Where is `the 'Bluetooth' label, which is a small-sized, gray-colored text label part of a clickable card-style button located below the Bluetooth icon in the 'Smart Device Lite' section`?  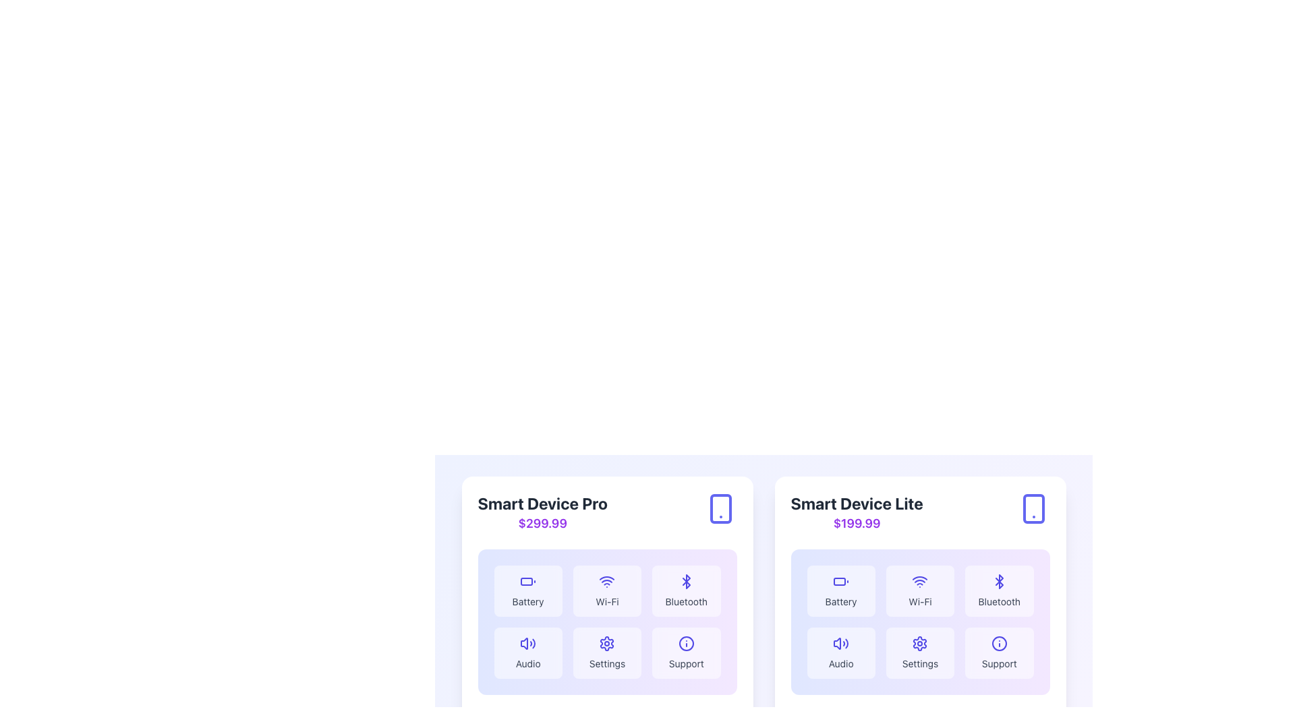
the 'Bluetooth' label, which is a small-sized, gray-colored text label part of a clickable card-style button located below the Bluetooth icon in the 'Smart Device Lite' section is located at coordinates (999, 601).